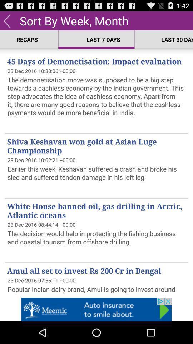  I want to click on opens the advertisement, so click(96, 309).